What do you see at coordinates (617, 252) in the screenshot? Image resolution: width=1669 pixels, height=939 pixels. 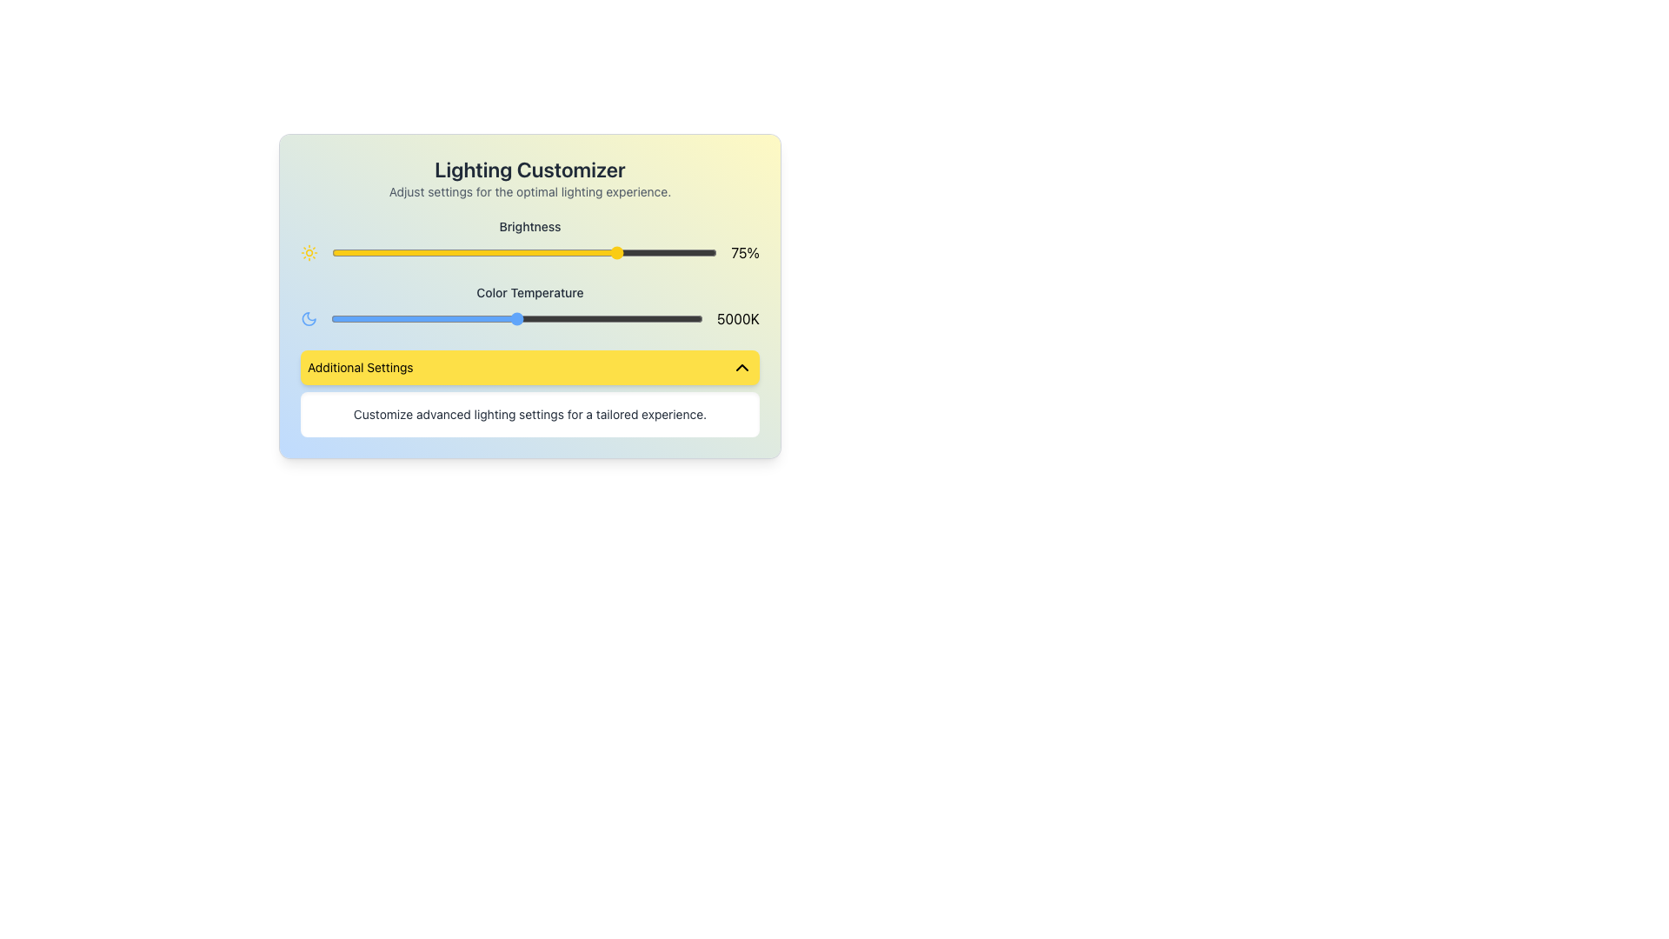 I see `the brightness level` at bounding box center [617, 252].